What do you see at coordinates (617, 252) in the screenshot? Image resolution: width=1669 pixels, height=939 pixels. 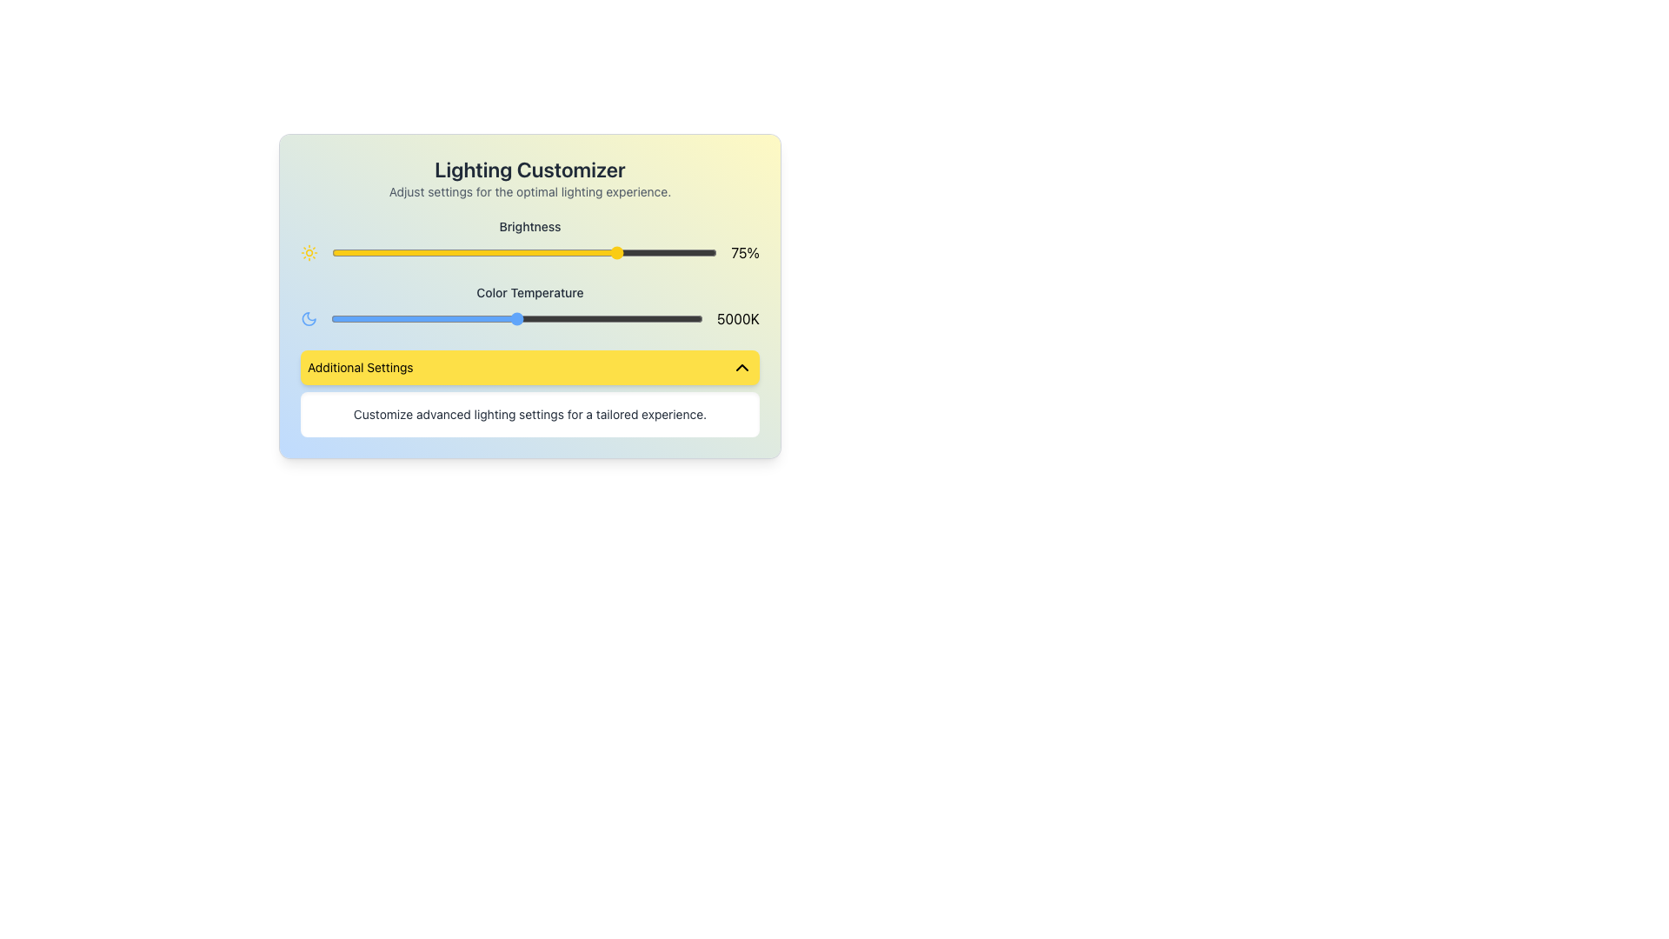 I see `the brightness level` at bounding box center [617, 252].